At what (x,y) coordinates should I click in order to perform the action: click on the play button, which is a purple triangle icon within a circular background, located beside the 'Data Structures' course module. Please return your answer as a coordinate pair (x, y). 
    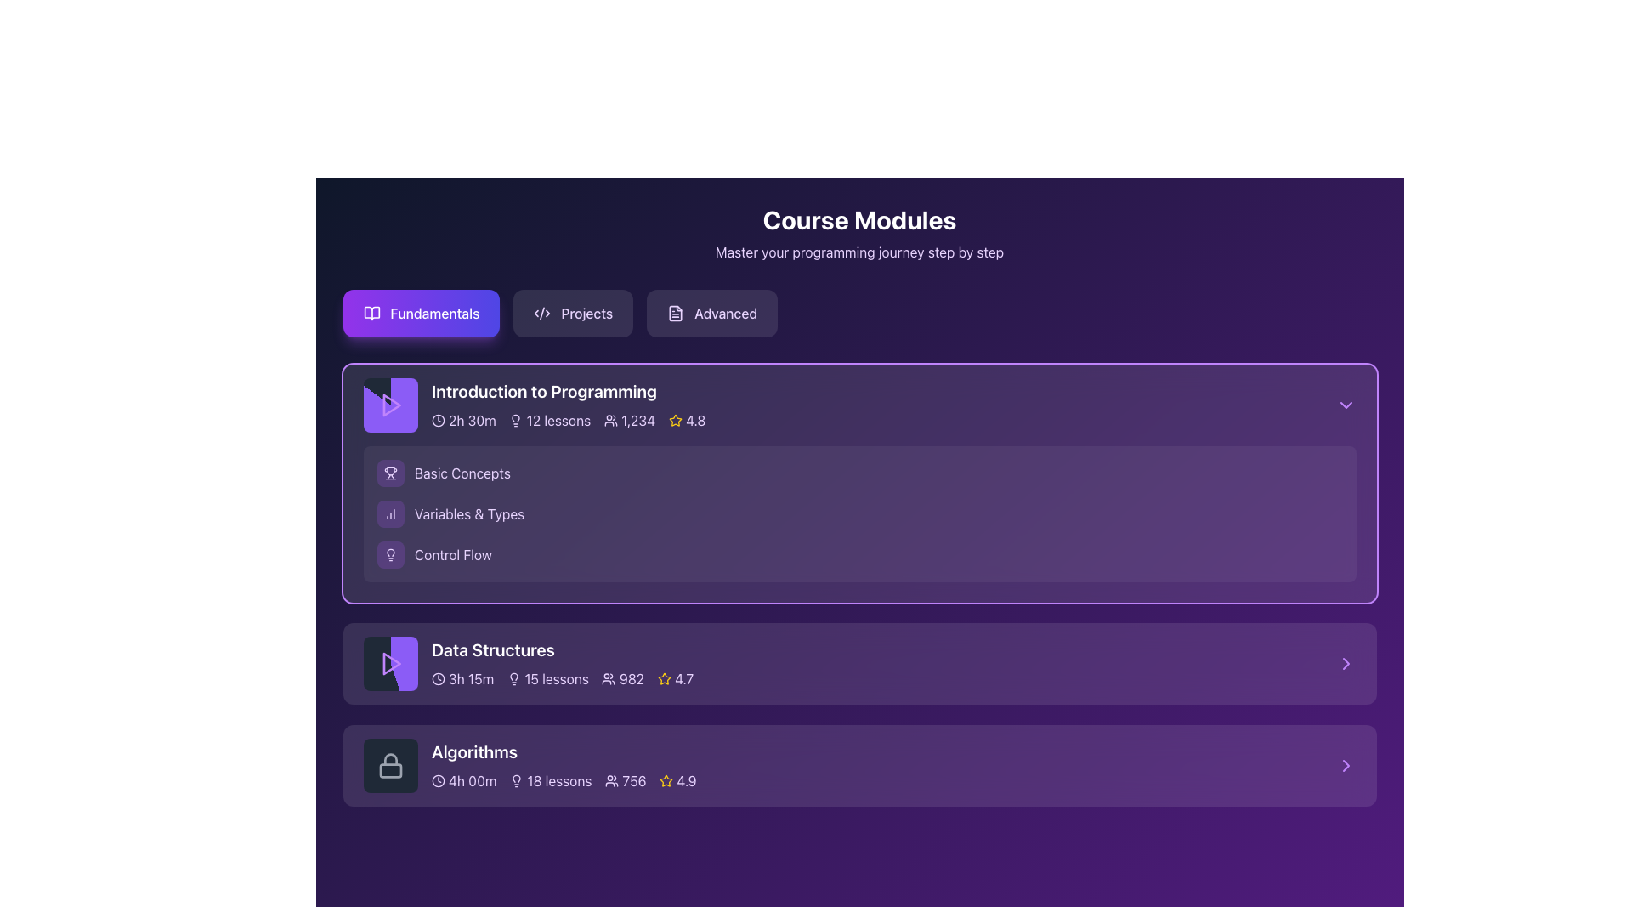
    Looking at the image, I should click on (389, 662).